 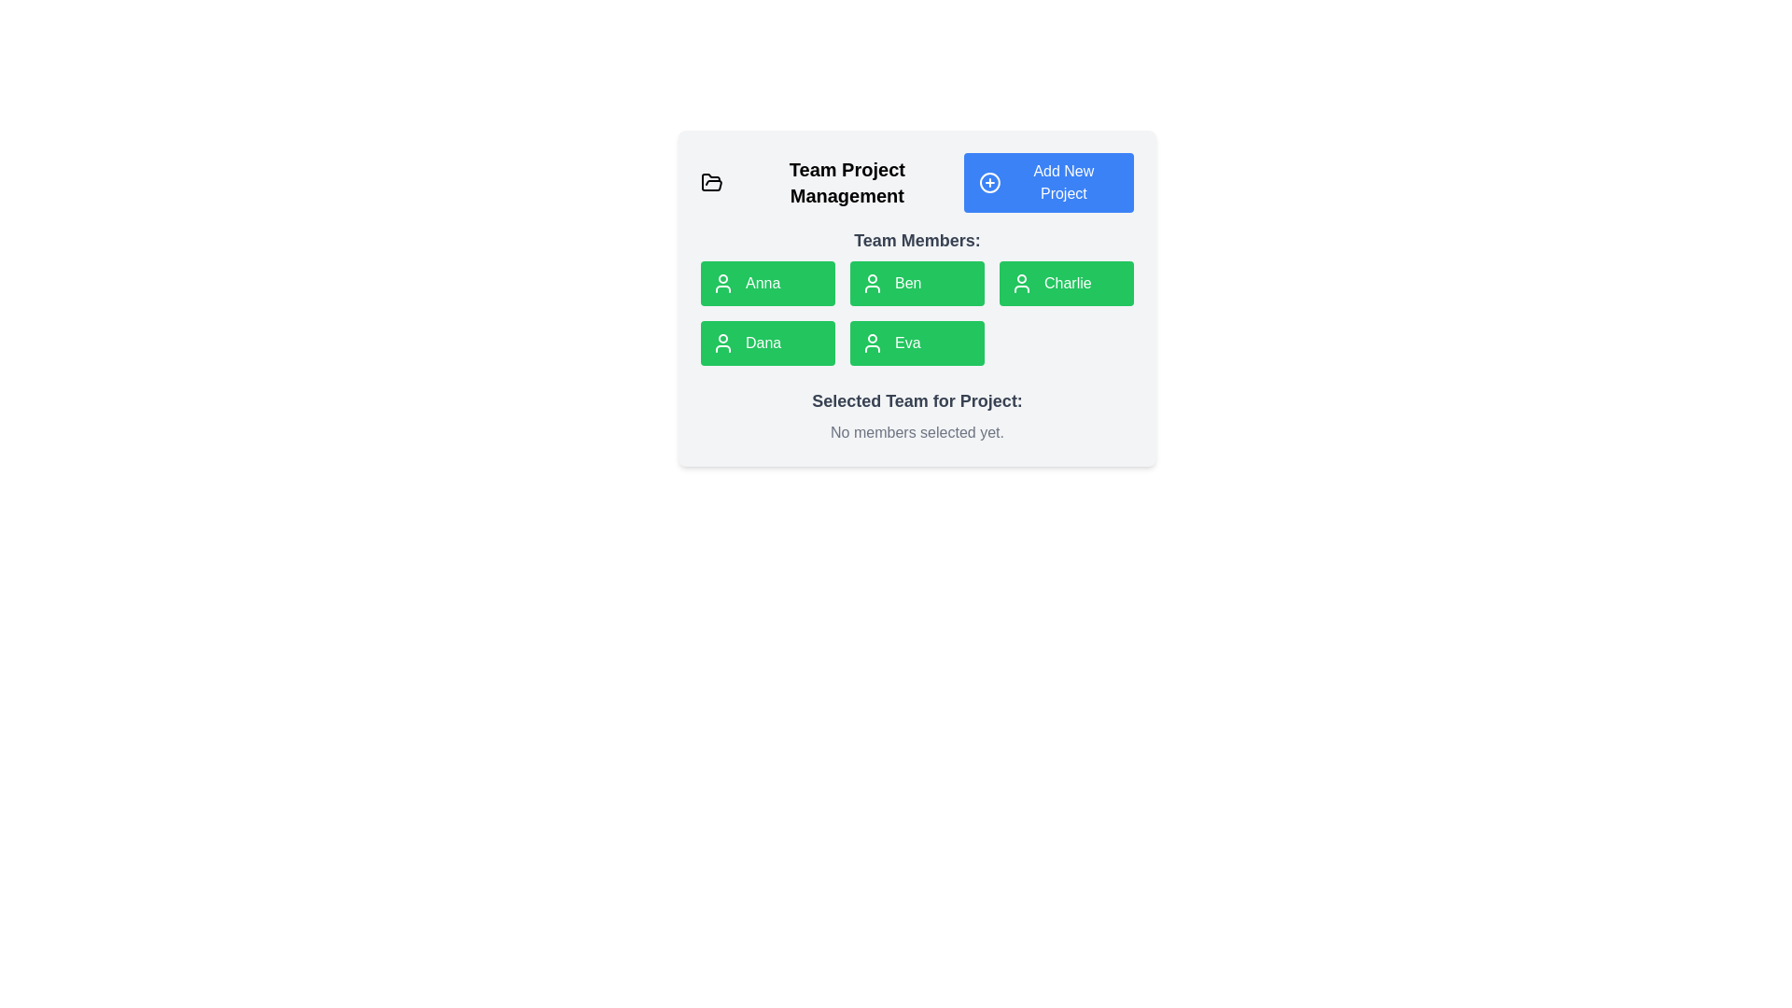 I want to click on the SVG icon resembling a person figure located within the button labeled 'Dana,' which is the fourth button in the grid of team members, so click(x=721, y=343).